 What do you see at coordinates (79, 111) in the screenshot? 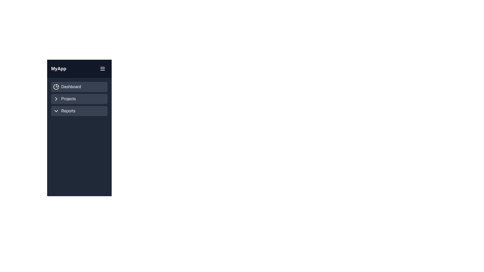
I see `the 'Reports' menu item` at bounding box center [79, 111].